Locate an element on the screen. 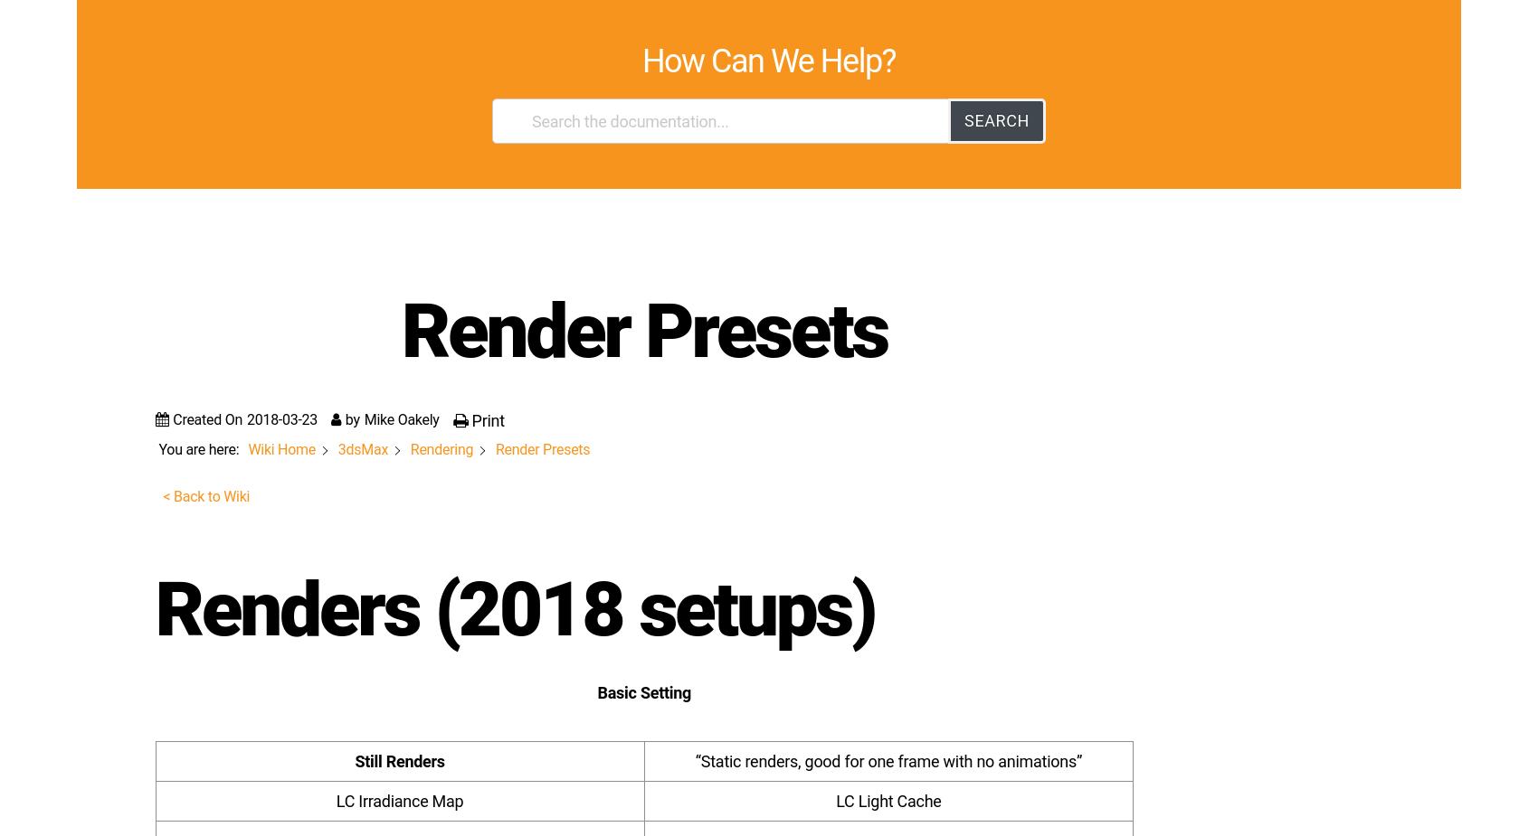 Image resolution: width=1538 pixels, height=836 pixels. 'Image Sampler : 0.002' is located at coordinates (251, 270).